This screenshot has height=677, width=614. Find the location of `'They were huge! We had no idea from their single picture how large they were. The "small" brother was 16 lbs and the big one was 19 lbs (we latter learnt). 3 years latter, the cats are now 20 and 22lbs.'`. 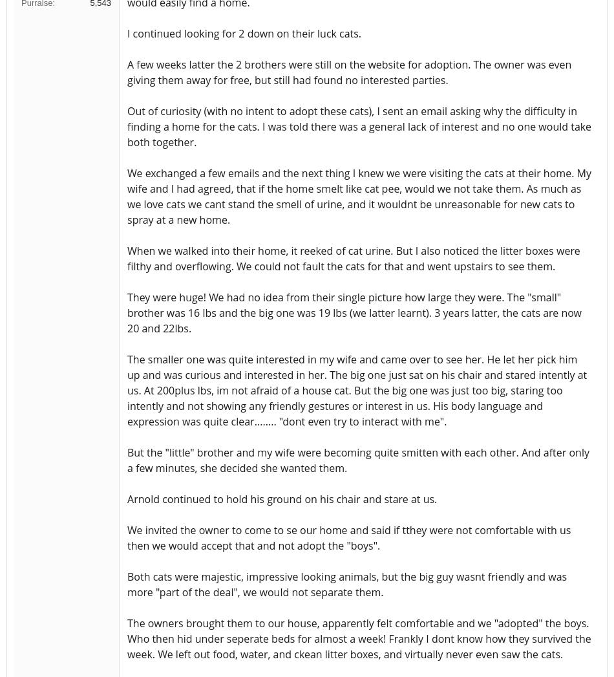

'They were huge! We had no idea from their single picture how large they were. The "small" brother was 16 lbs and the big one was 19 lbs (we latter learnt). 3 years latter, the cats are now 20 and 22lbs.' is located at coordinates (354, 311).